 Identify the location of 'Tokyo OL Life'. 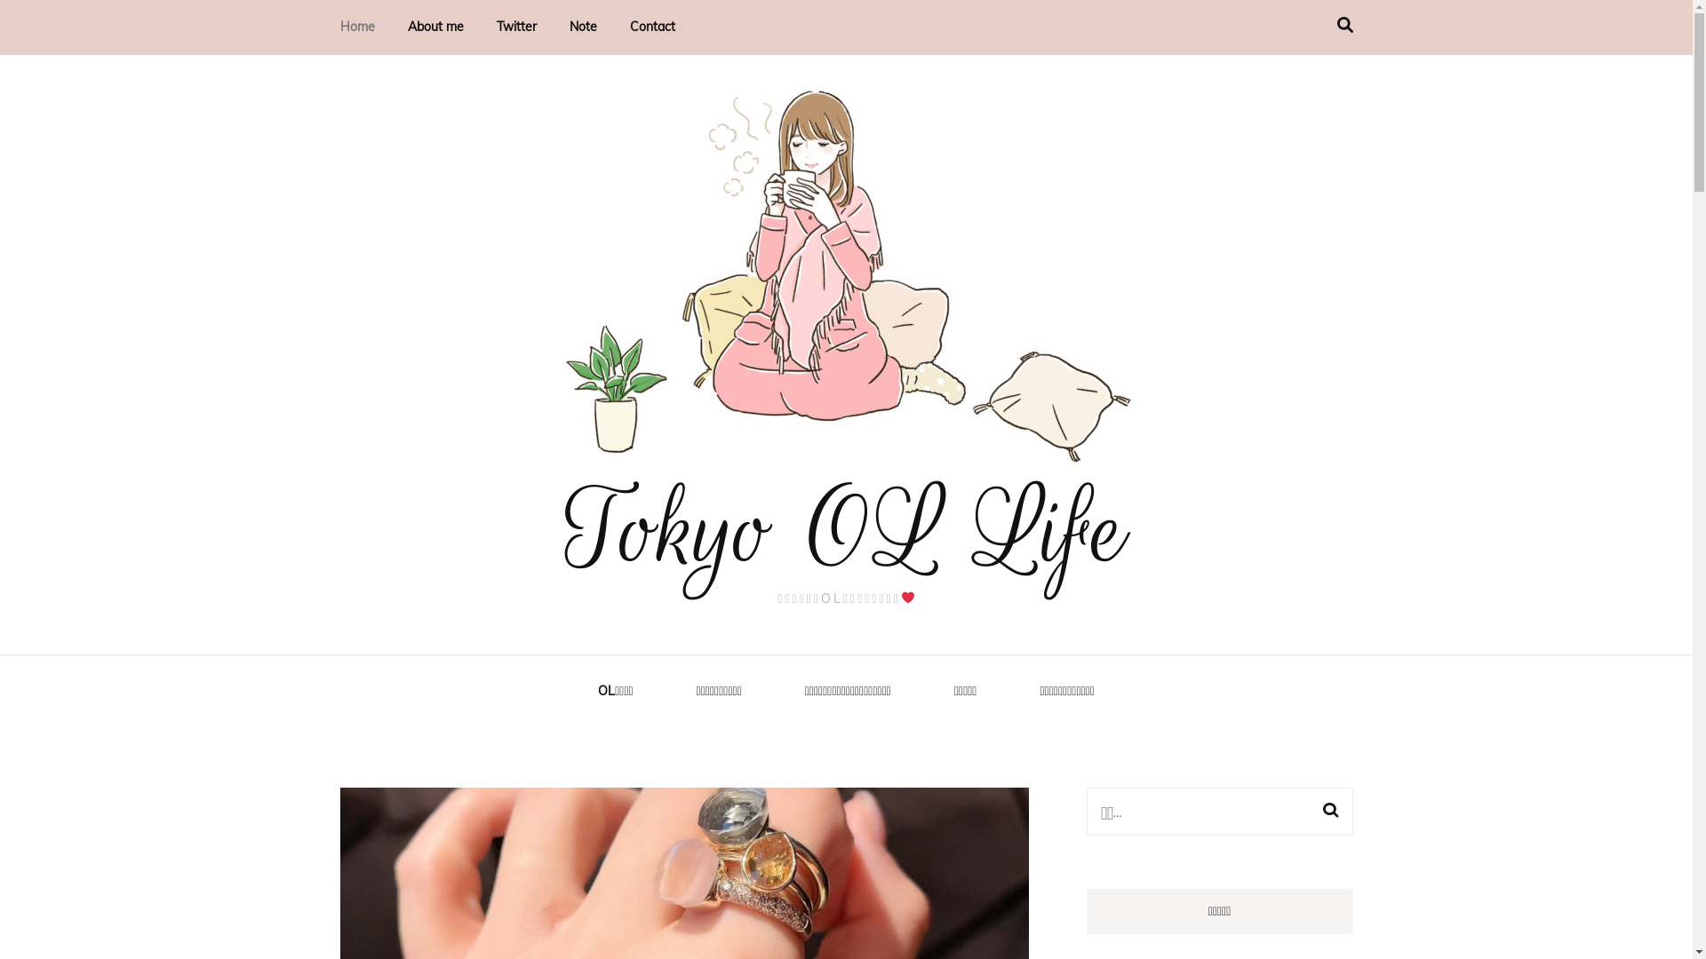
(845, 529).